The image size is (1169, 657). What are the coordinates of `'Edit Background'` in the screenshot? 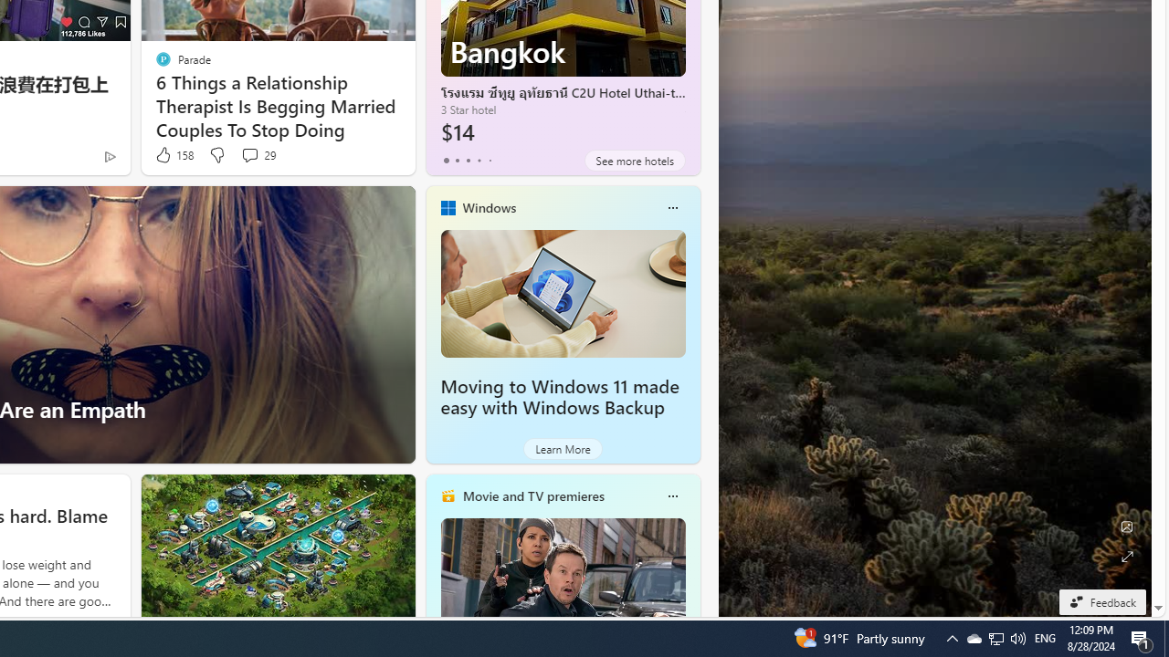 It's located at (1125, 527).